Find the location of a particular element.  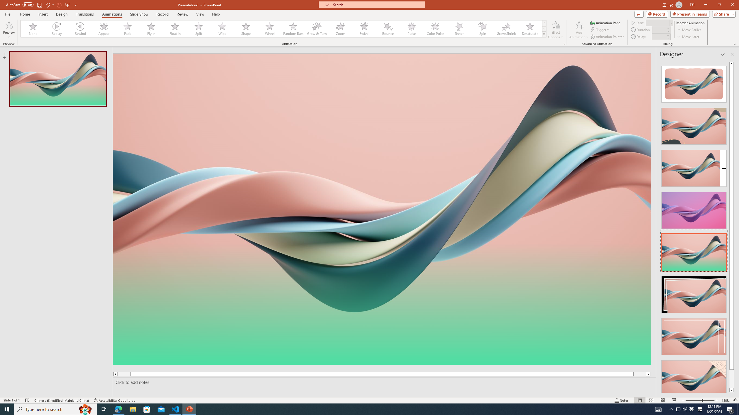

'Redo' is located at coordinates (59, 4).